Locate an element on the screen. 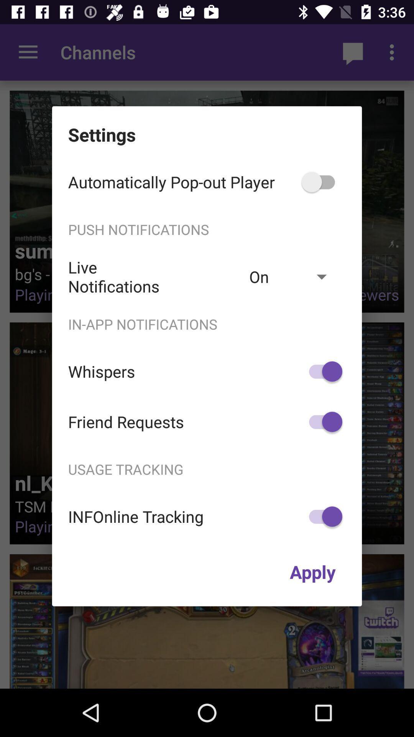  icon next to friend requests item is located at coordinates (322, 421).